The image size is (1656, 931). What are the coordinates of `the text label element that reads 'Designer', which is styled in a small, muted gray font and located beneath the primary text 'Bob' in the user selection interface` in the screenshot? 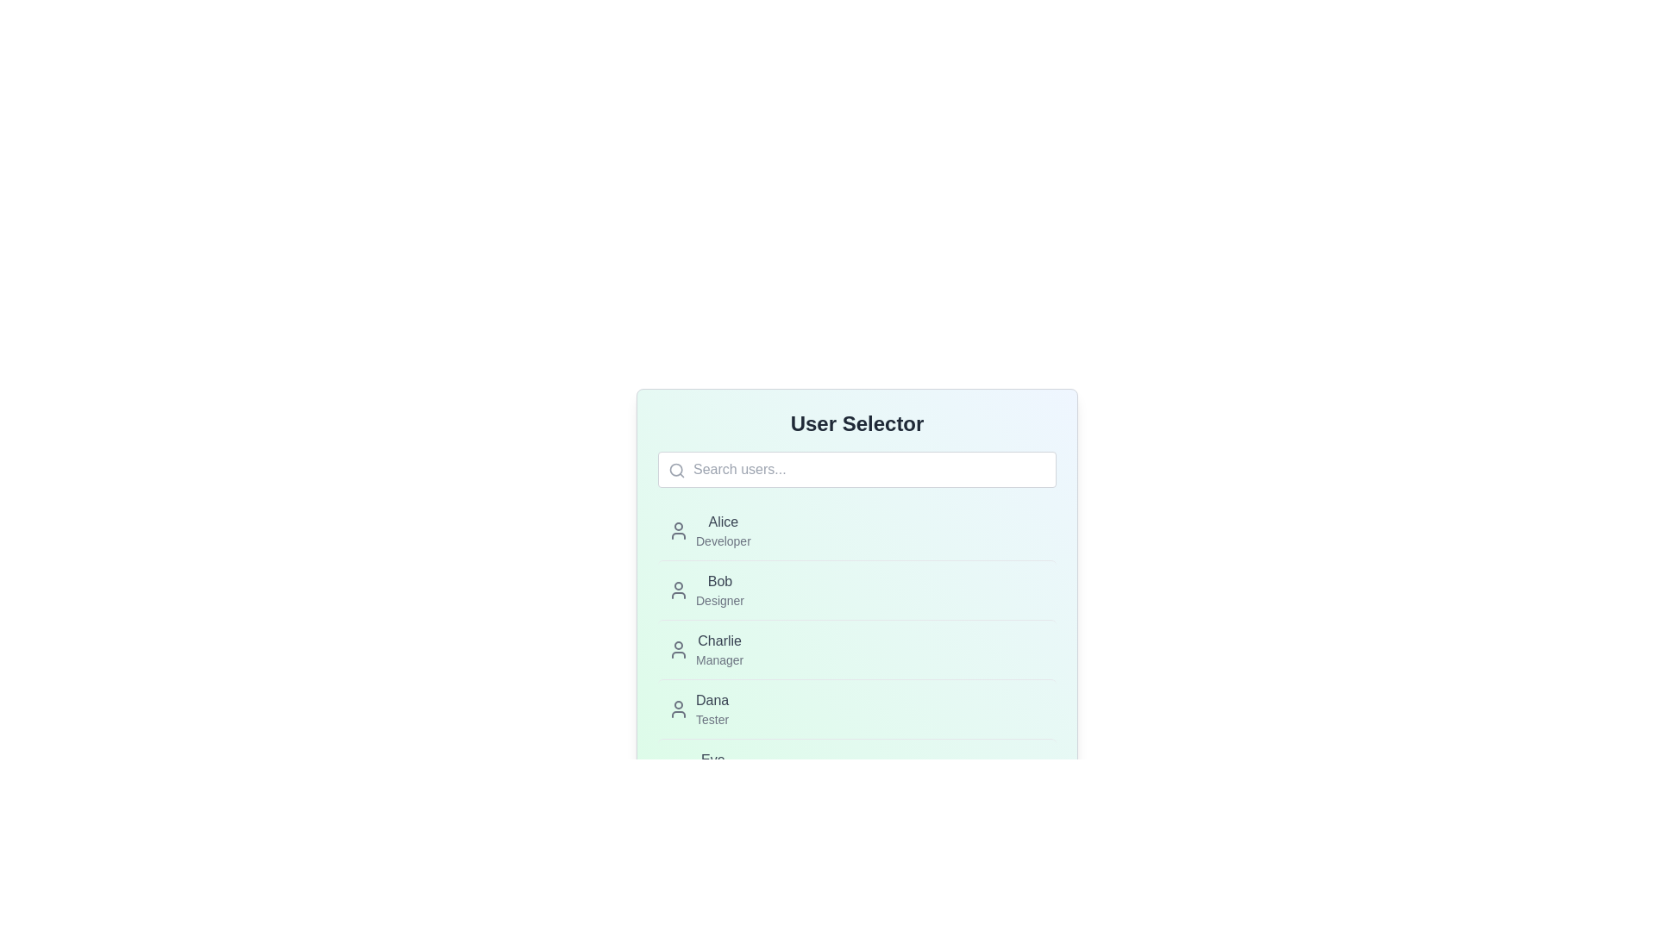 It's located at (720, 600).